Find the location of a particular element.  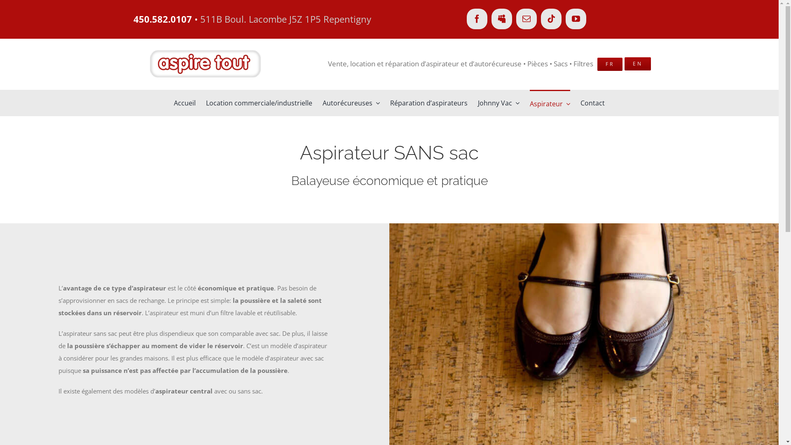

'Johnny Vac' is located at coordinates (498, 103).